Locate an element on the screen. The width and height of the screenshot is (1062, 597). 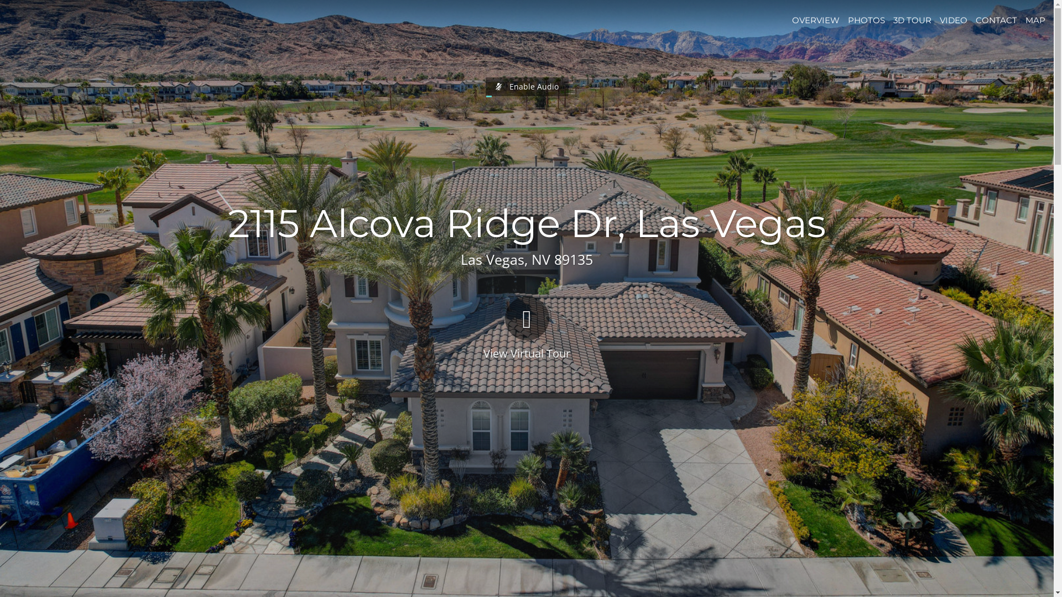
'View Virtual Tour' is located at coordinates (526, 326).